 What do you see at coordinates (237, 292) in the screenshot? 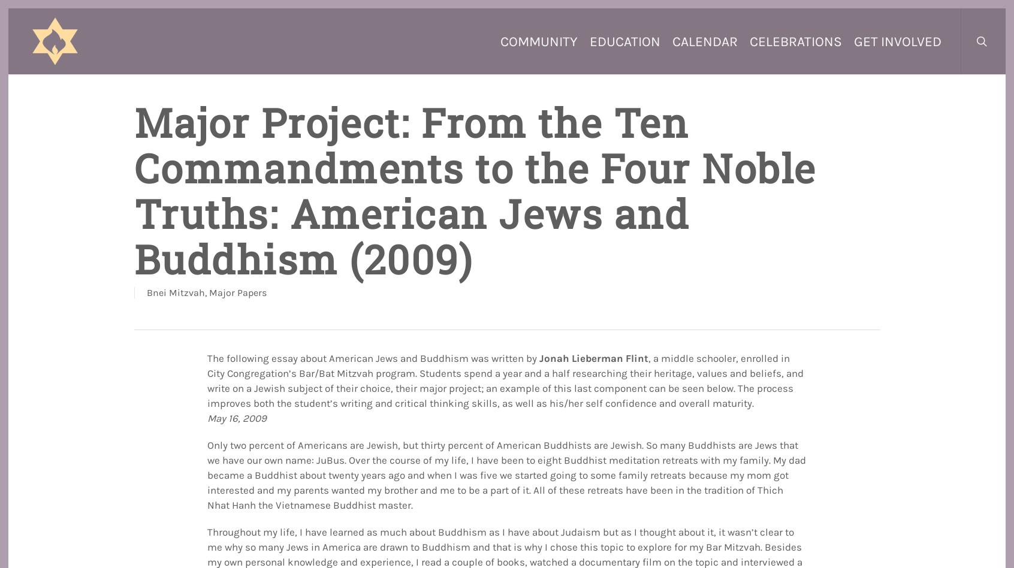
I see `'Major Papers'` at bounding box center [237, 292].